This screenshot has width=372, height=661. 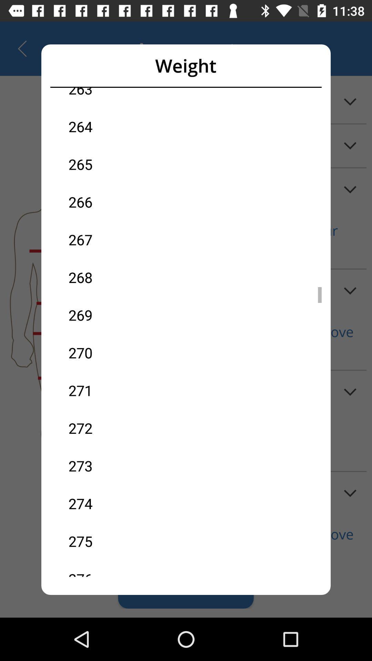 I want to click on the icon below 268 icon, so click(x=127, y=315).